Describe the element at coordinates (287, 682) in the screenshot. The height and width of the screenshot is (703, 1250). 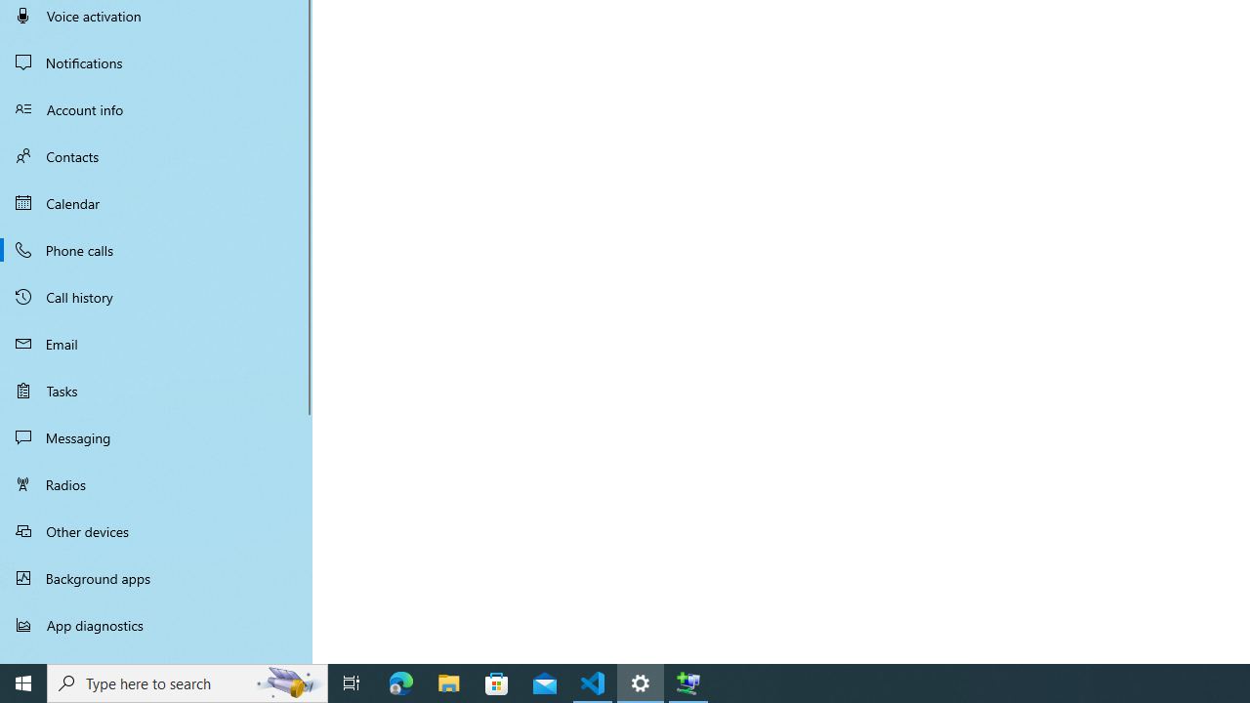
I see `'Search highlights icon opens search home window'` at that location.